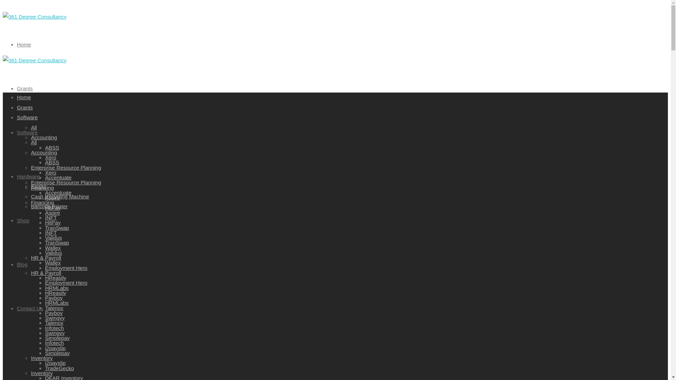 This screenshot has height=380, width=676. Describe the element at coordinates (27, 117) in the screenshot. I see `'Software'` at that location.